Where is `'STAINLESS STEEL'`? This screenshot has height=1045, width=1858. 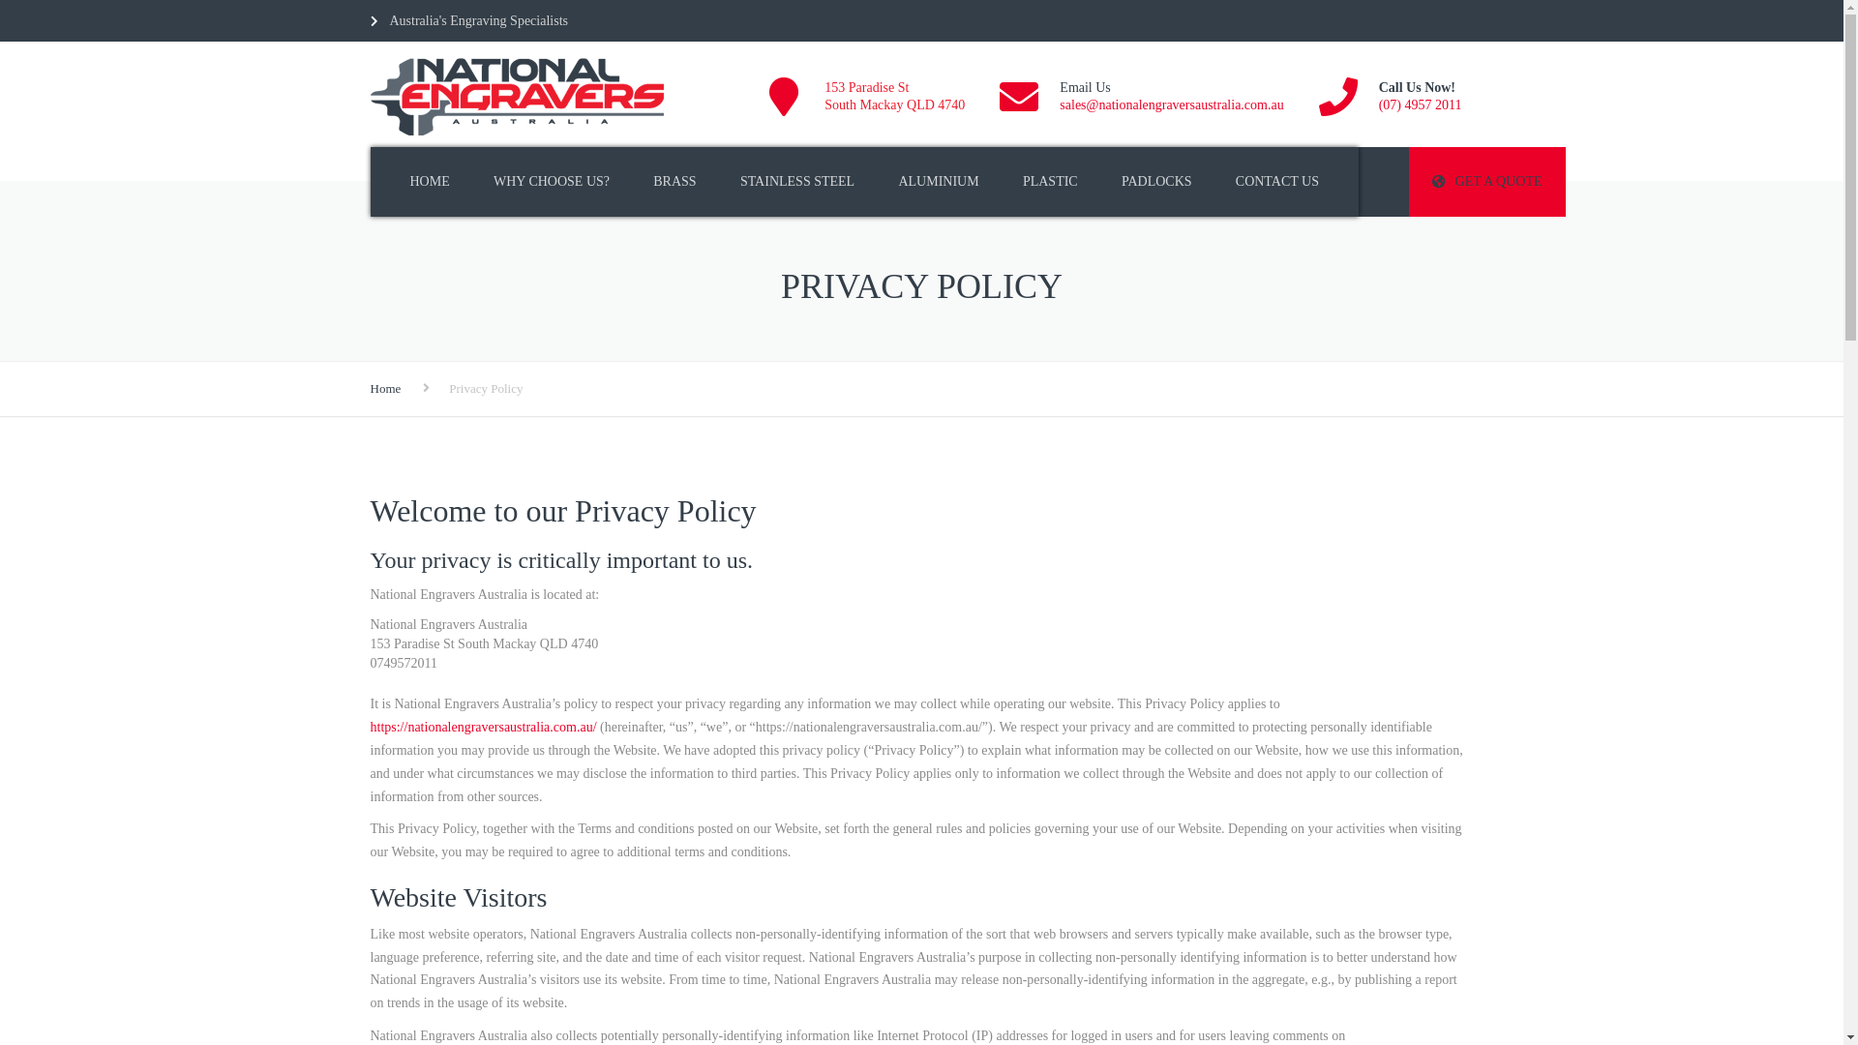 'STAINLESS STEEL' is located at coordinates (797, 182).